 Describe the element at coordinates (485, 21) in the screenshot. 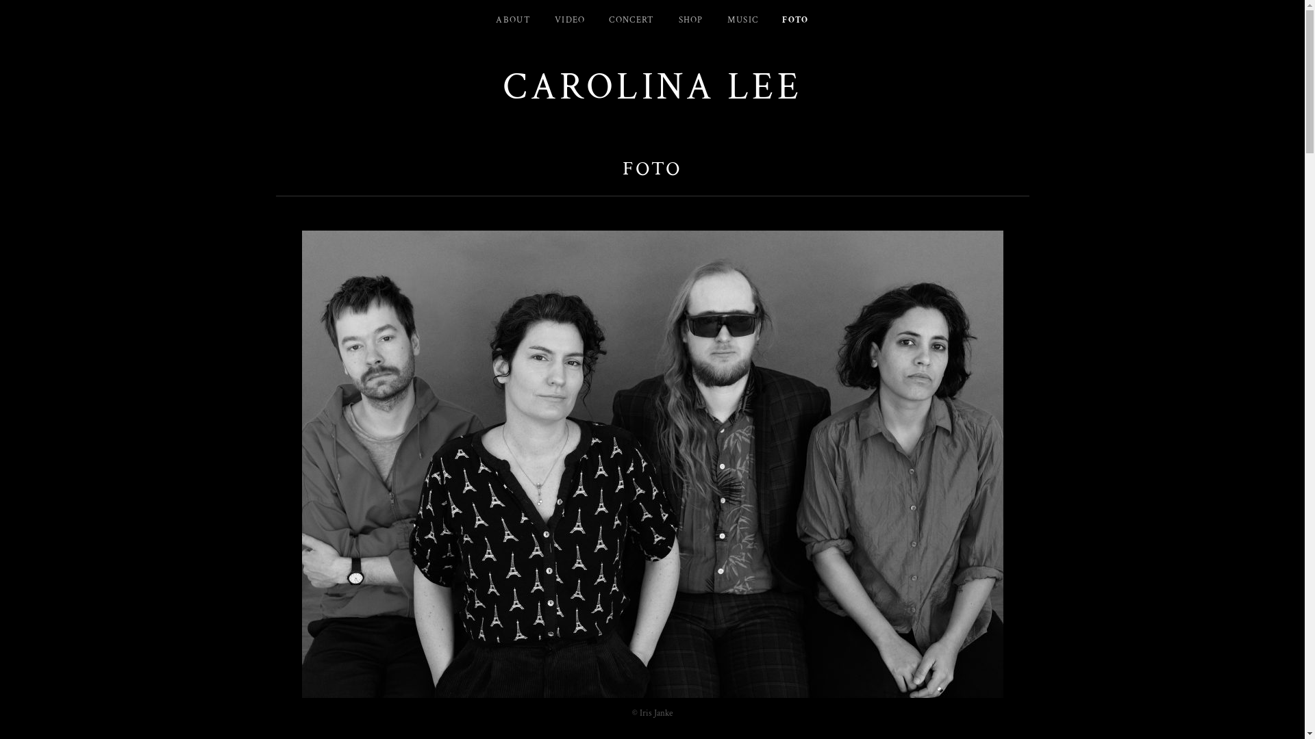

I see `'ABOUT'` at that location.